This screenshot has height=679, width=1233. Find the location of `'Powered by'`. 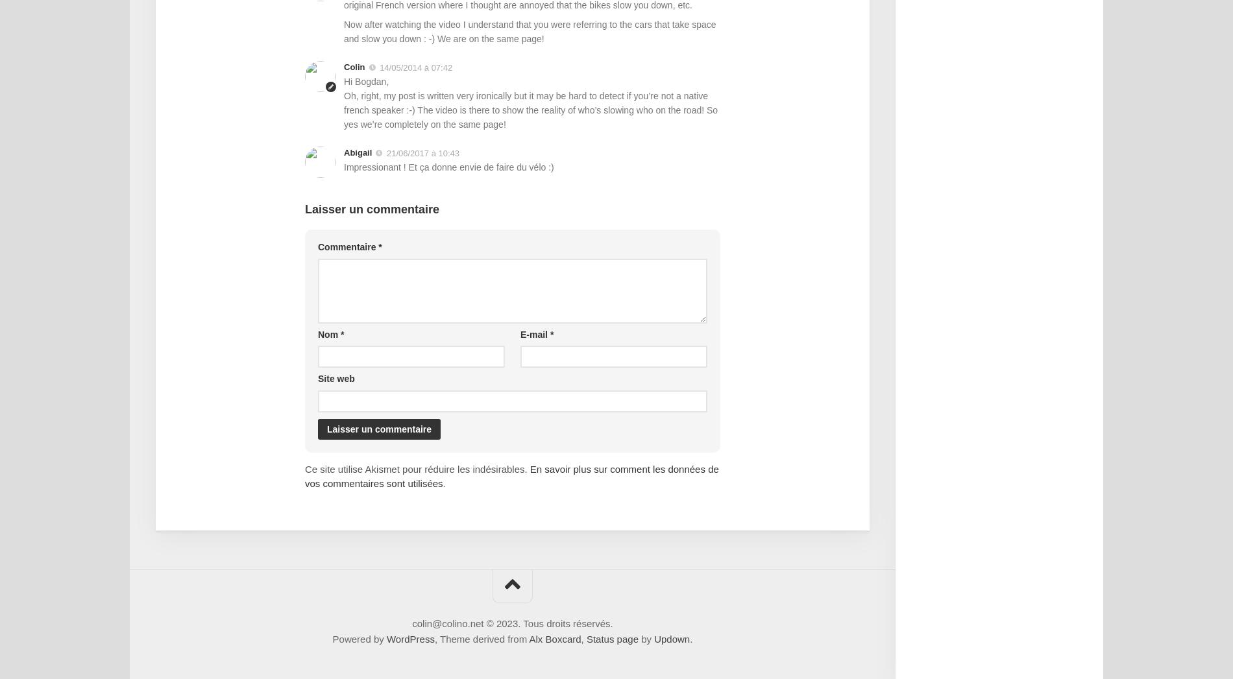

'Powered by' is located at coordinates (359, 637).